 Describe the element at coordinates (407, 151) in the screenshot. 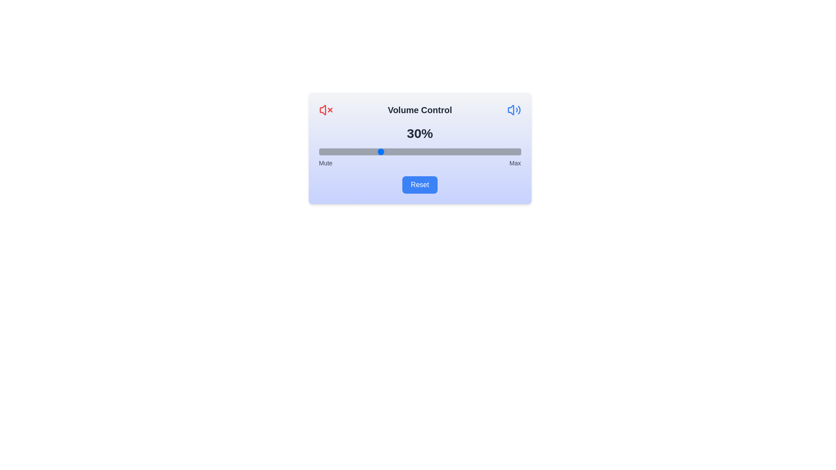

I see `the volume slider to a specific percentage, 44` at that location.